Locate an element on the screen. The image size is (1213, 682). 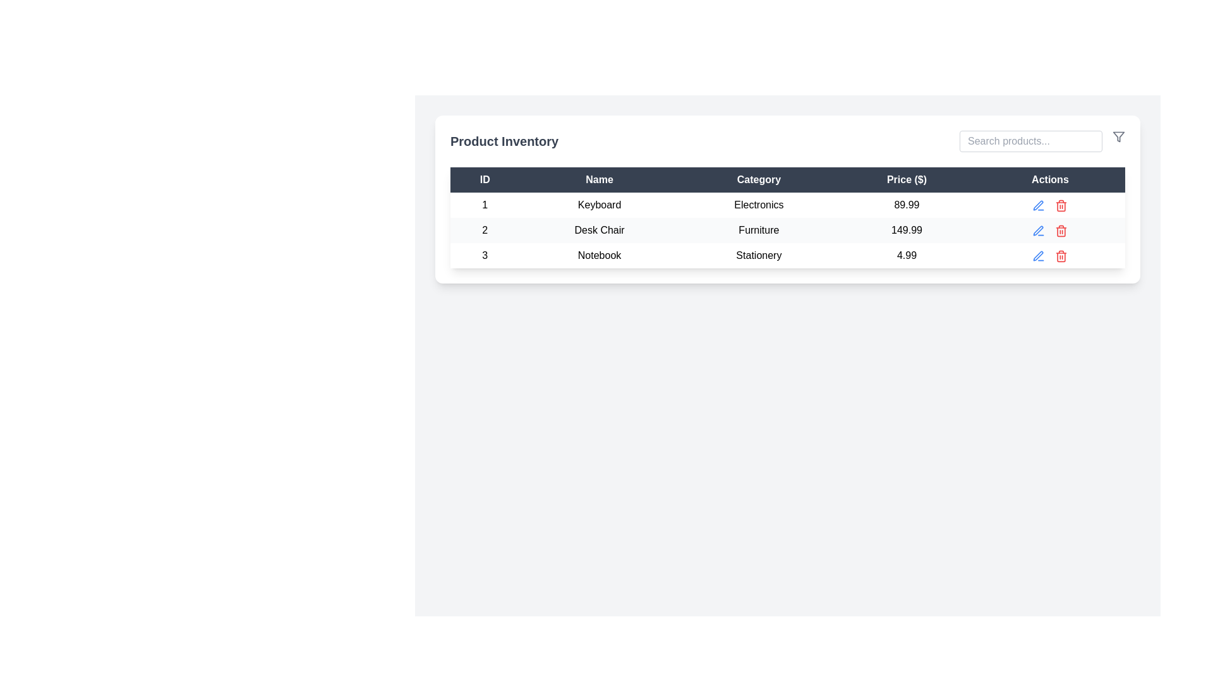
the Edit Pen icon in the Actions column for the product 'Notebook', which allows users to modify the product's details is located at coordinates (1039, 256).